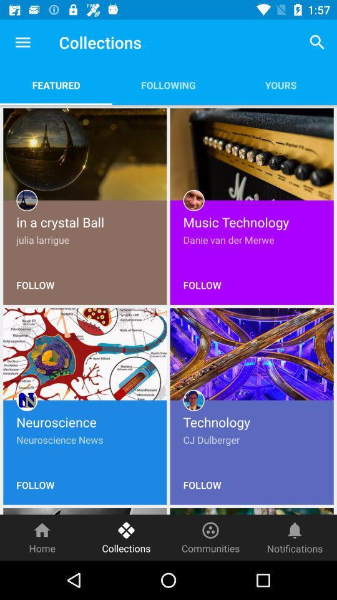 The width and height of the screenshot is (337, 600). Describe the element at coordinates (317, 42) in the screenshot. I see `the app next to following item` at that location.